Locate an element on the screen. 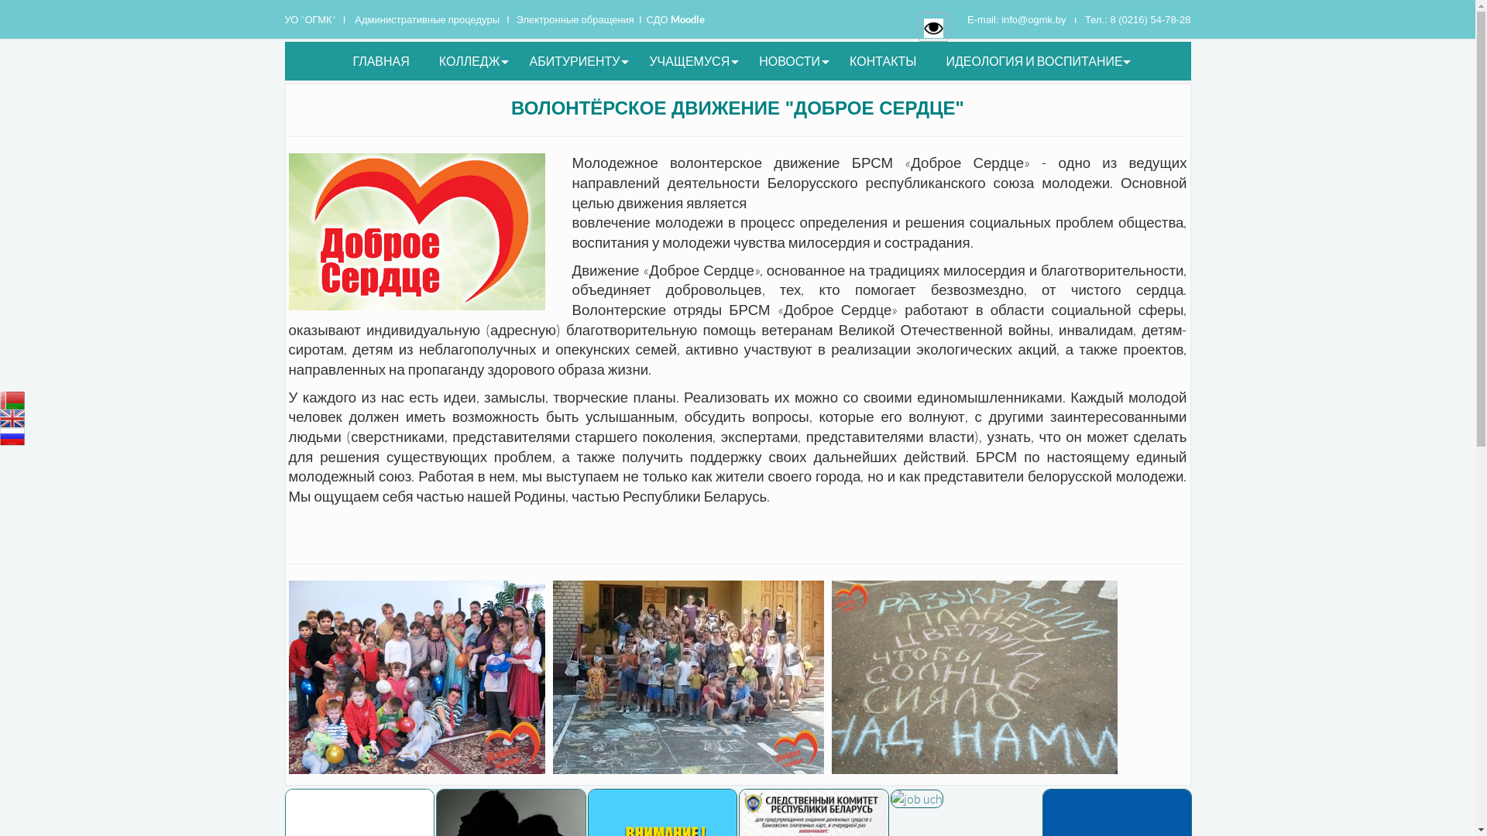 The image size is (1487, 836). 'Russian' is located at coordinates (0, 437).